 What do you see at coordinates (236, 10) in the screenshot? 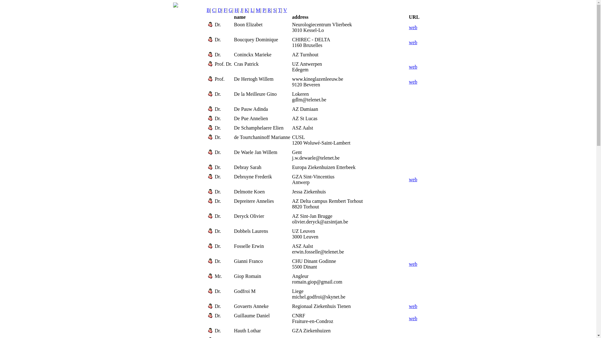
I see `'H'` at bounding box center [236, 10].